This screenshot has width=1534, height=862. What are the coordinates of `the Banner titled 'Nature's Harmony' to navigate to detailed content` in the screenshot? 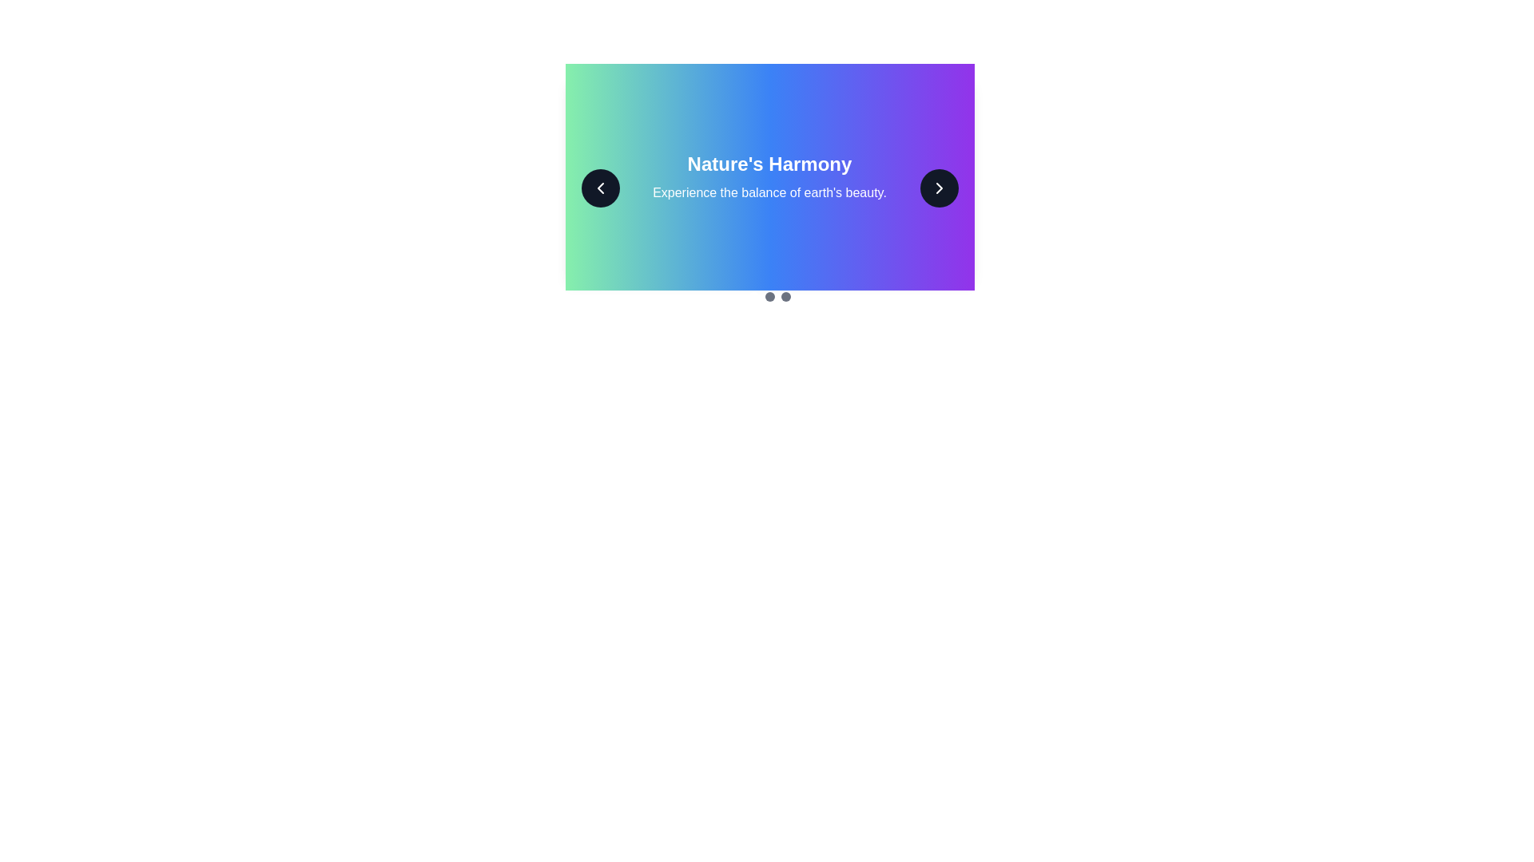 It's located at (769, 177).